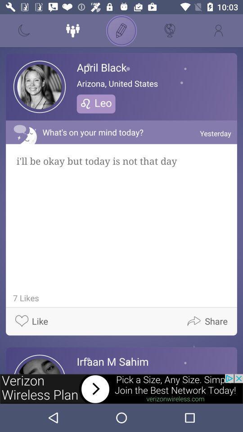 This screenshot has height=432, width=243. I want to click on the image beside irfaan, so click(39, 364).